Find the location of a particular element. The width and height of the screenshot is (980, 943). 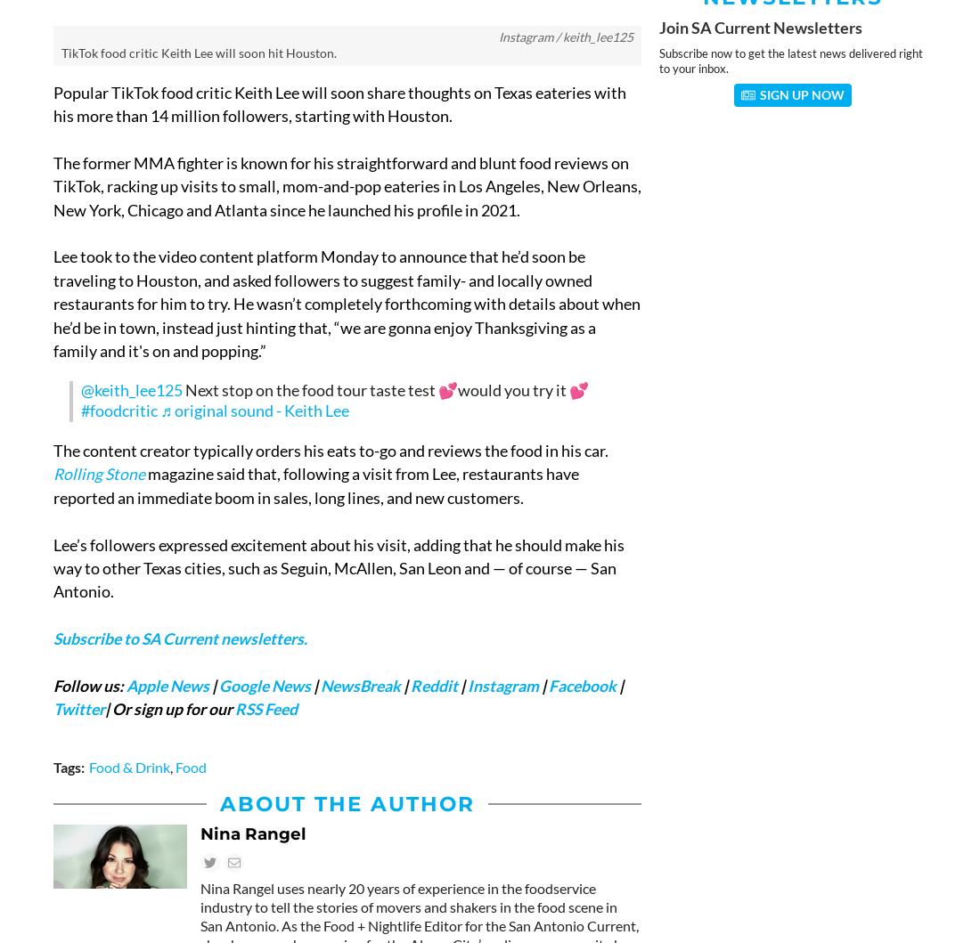

'@keith_lee125' is located at coordinates (80, 390).